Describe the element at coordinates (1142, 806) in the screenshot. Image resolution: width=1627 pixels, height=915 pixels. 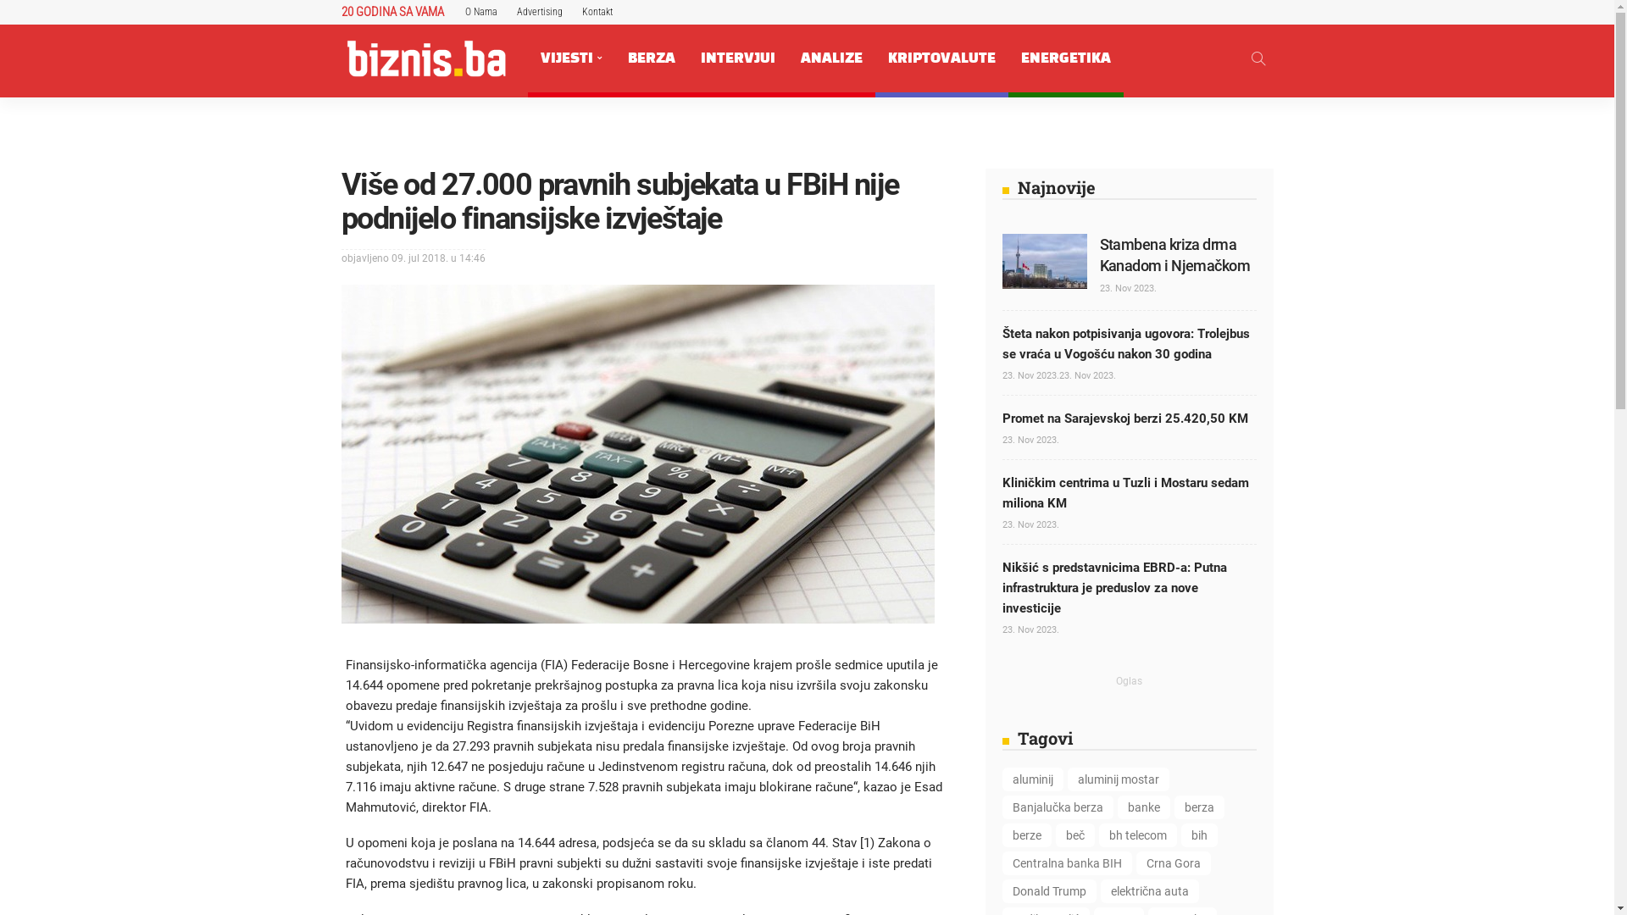
I see `'banke'` at that location.